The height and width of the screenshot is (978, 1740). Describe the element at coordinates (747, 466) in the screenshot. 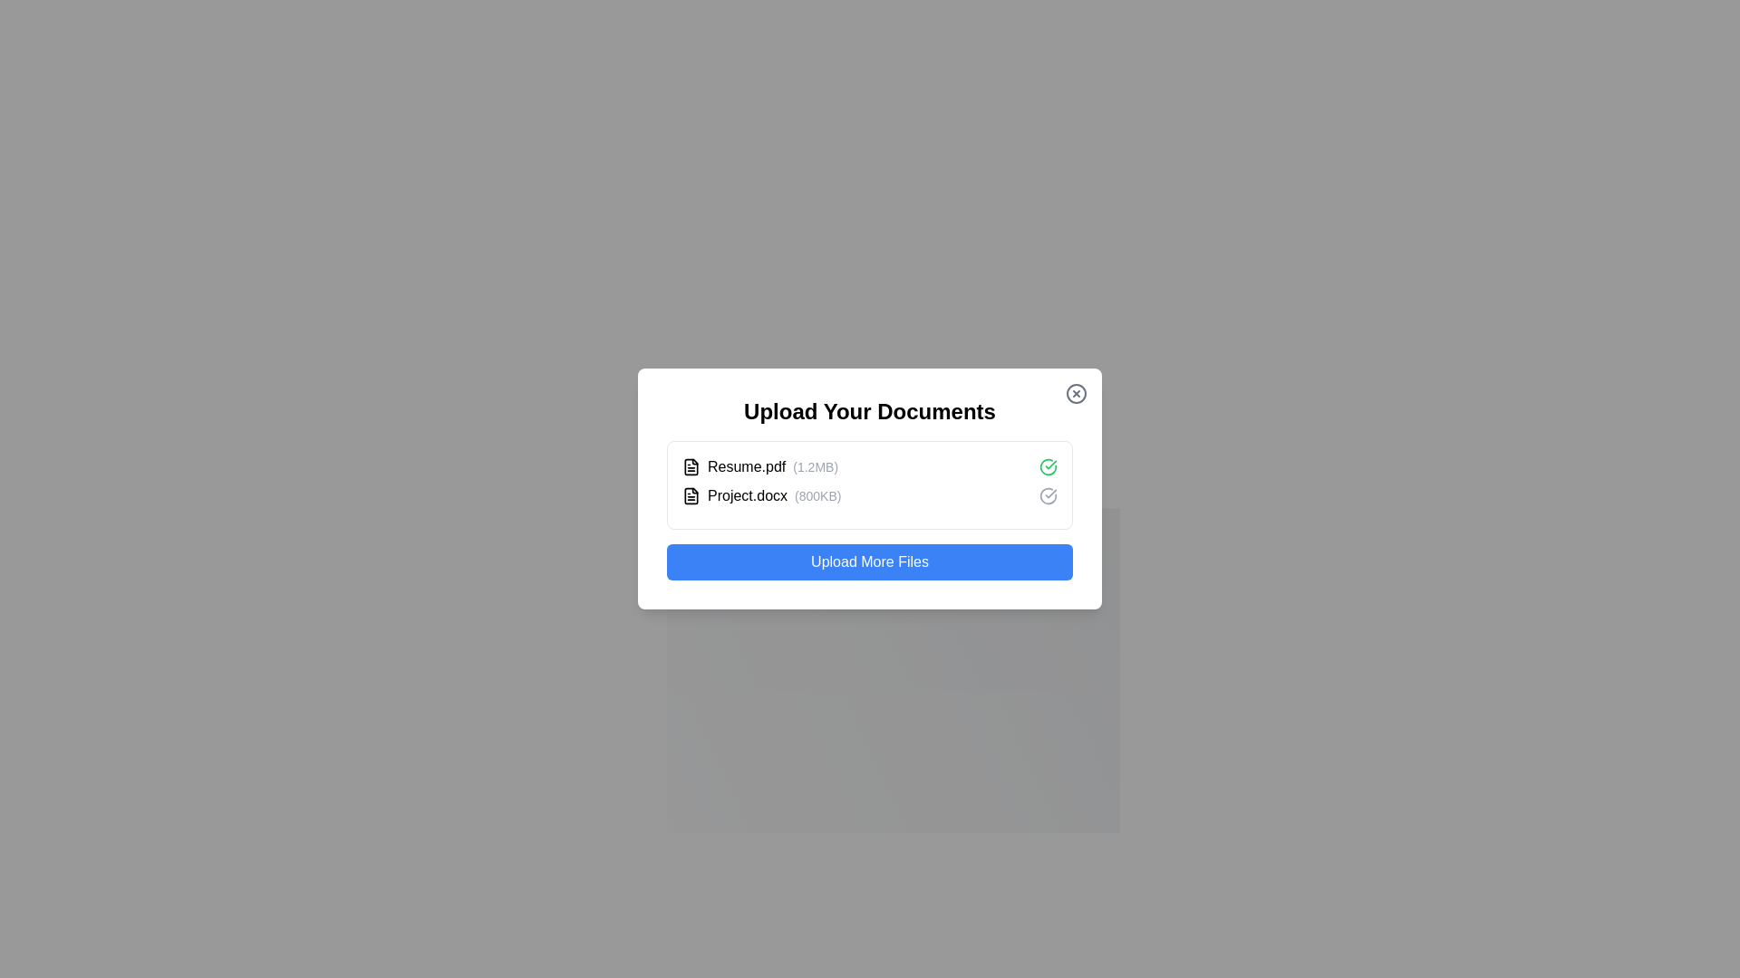

I see `the text label displaying 'Resume.pdf', which is the first entry in the list of uploaded files, aligned with a document icon on the left` at that location.